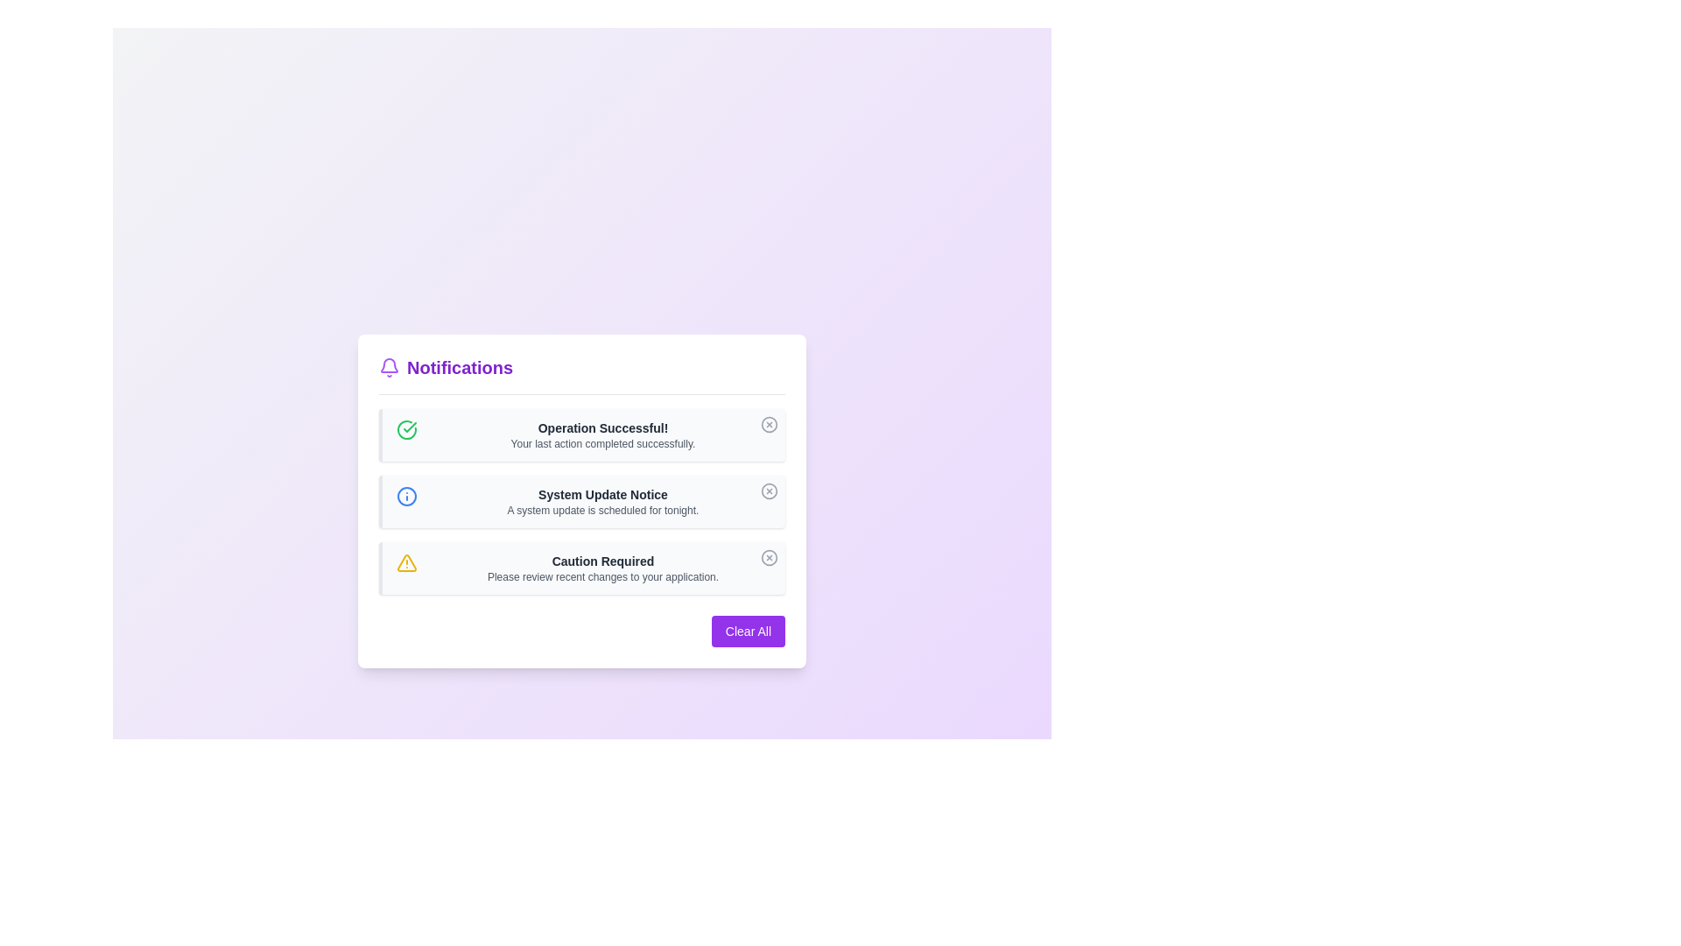 The image size is (1681, 946). Describe the element at coordinates (406, 428) in the screenshot. I see `the confirmation marker icon located in the top-left corner of the notification panel for the 'Operation Successful!' notification` at that location.